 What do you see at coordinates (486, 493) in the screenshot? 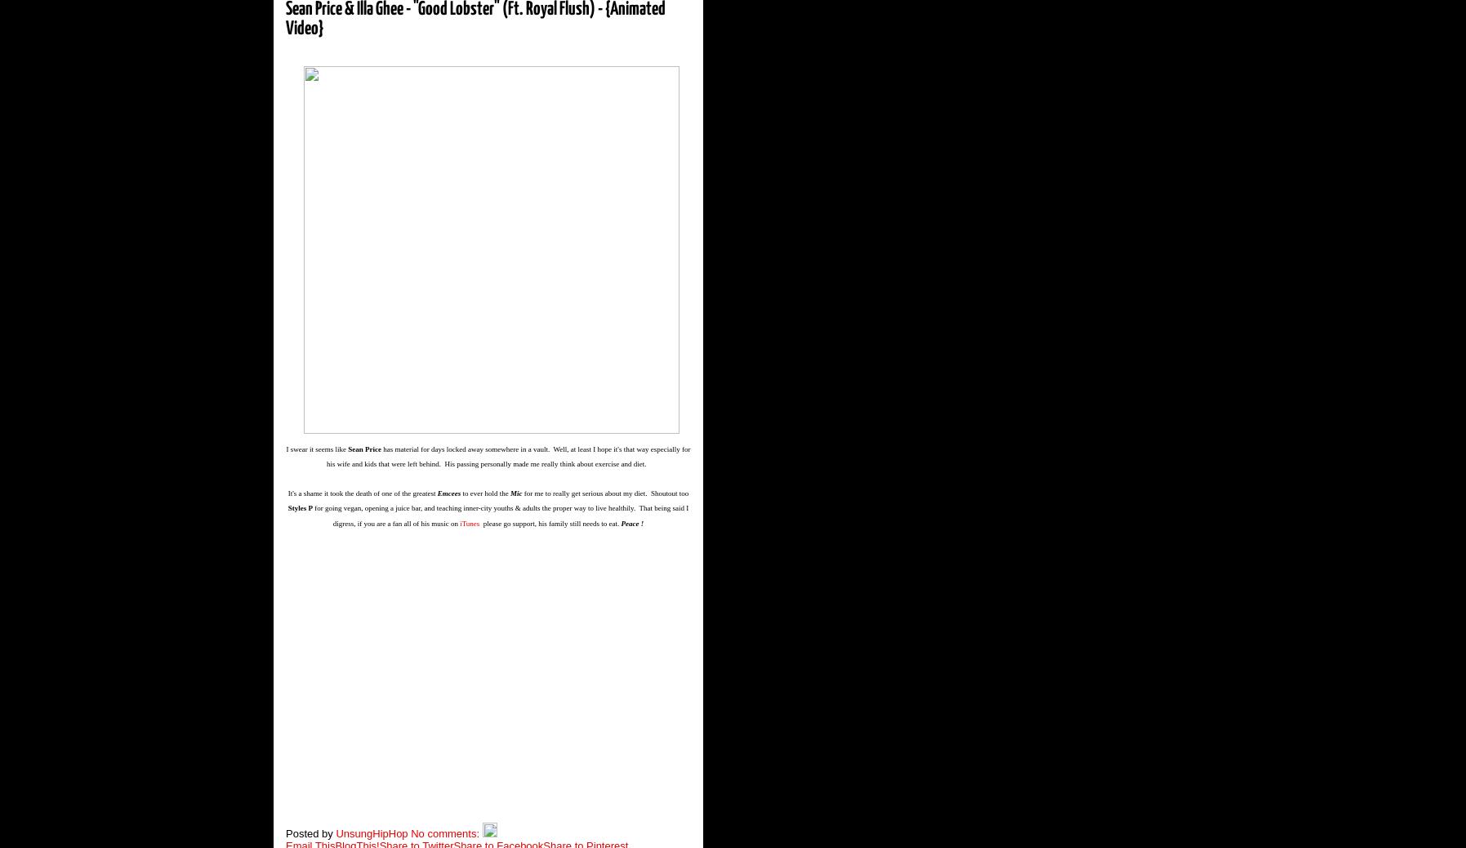
I see `'to ever hold the'` at bounding box center [486, 493].